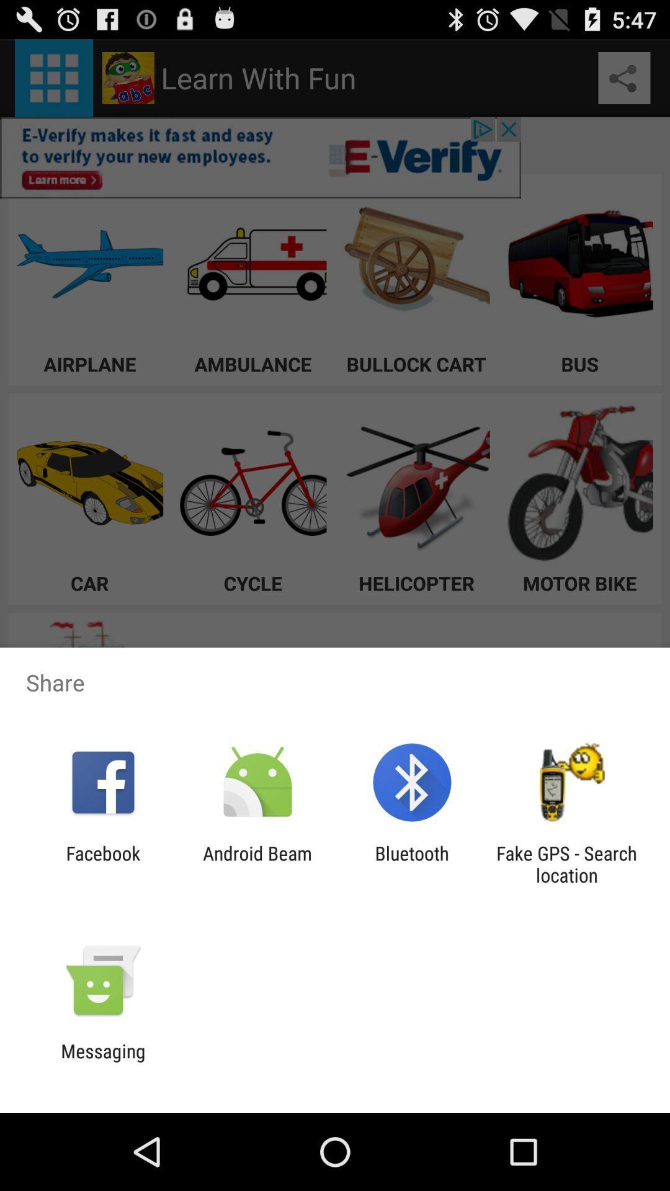  What do you see at coordinates (566, 863) in the screenshot?
I see `item to the right of the bluetooth item` at bounding box center [566, 863].